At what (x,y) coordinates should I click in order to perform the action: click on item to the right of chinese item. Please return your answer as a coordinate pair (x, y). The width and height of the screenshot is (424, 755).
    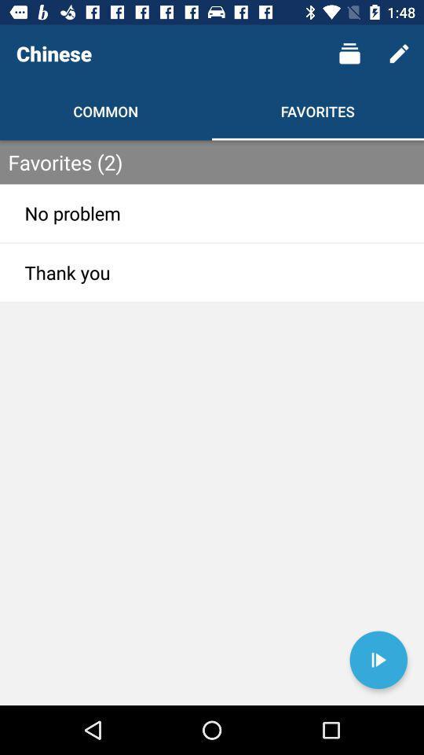
    Looking at the image, I should click on (349, 53).